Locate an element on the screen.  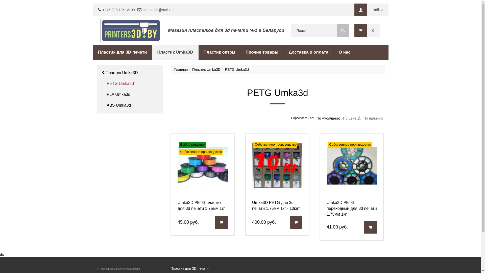
'PLA Umka3d' is located at coordinates (118, 95).